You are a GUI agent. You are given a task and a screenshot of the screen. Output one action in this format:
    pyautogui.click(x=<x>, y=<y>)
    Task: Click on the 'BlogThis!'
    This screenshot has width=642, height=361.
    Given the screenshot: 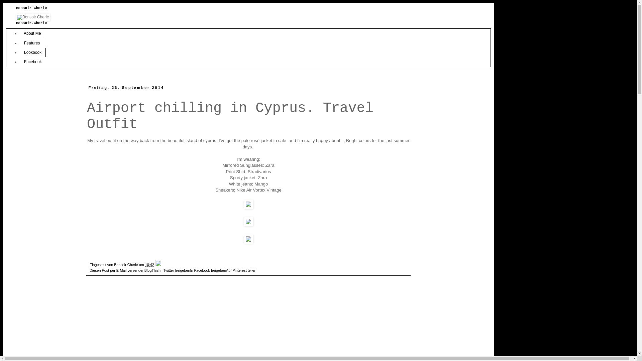 What is the action you would take?
    pyautogui.click(x=151, y=270)
    